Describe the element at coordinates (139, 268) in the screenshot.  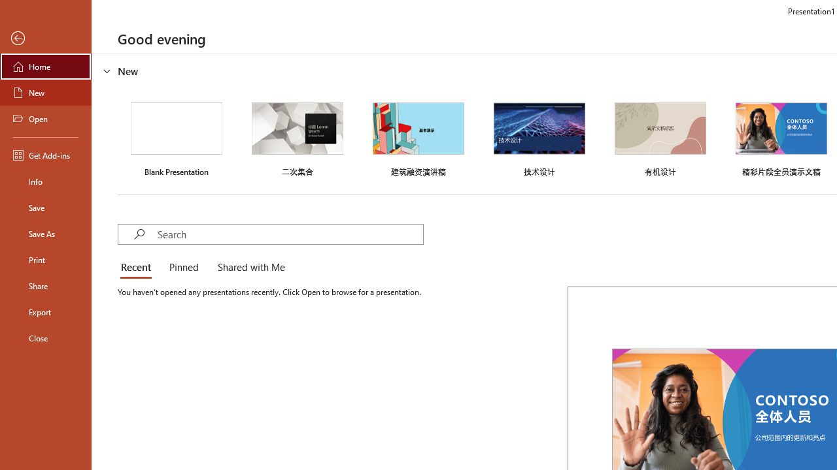
I see `'Recent'` at that location.